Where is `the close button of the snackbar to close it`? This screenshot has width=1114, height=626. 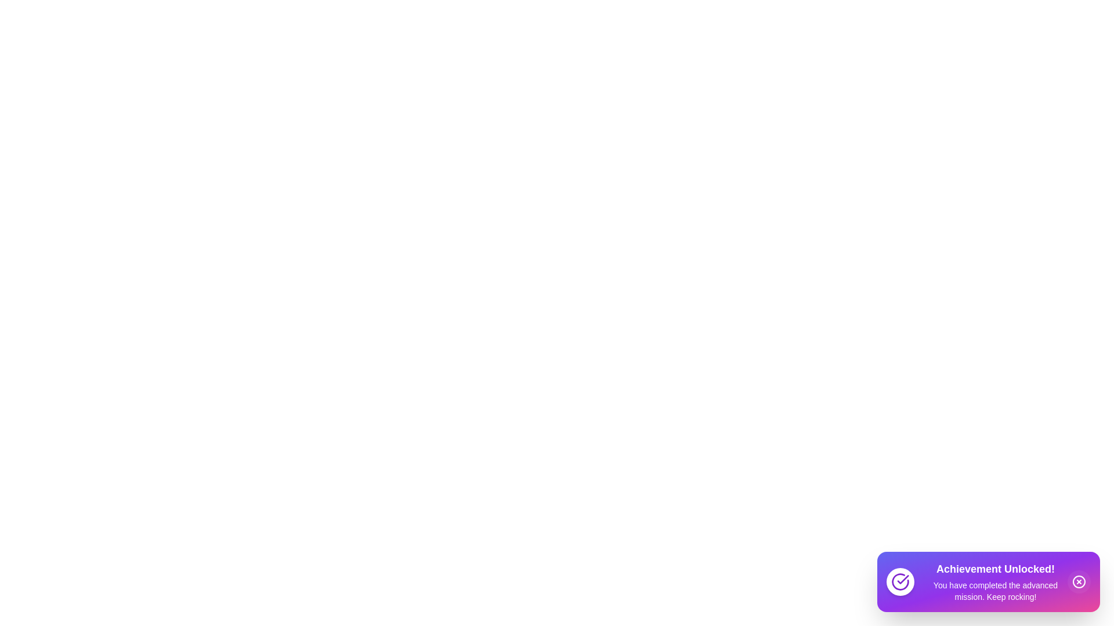 the close button of the snackbar to close it is located at coordinates (1079, 581).